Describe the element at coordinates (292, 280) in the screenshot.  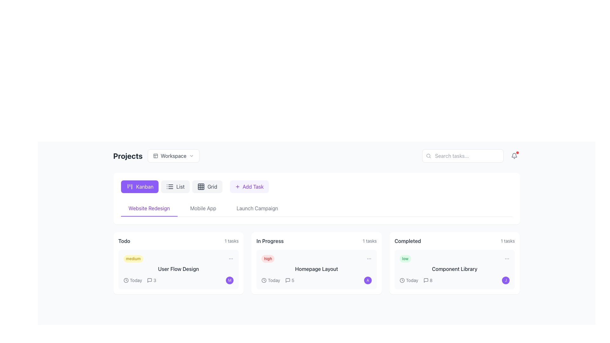
I see `the text label '5' which indicates the number of comments for the task 'Homepage Layout' in the 'In Progress' column of the task board` at that location.